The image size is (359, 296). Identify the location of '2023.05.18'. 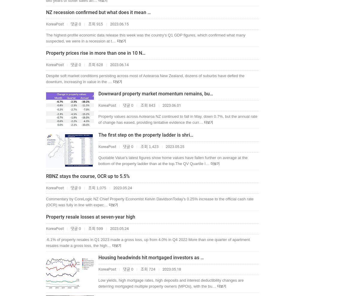
(171, 269).